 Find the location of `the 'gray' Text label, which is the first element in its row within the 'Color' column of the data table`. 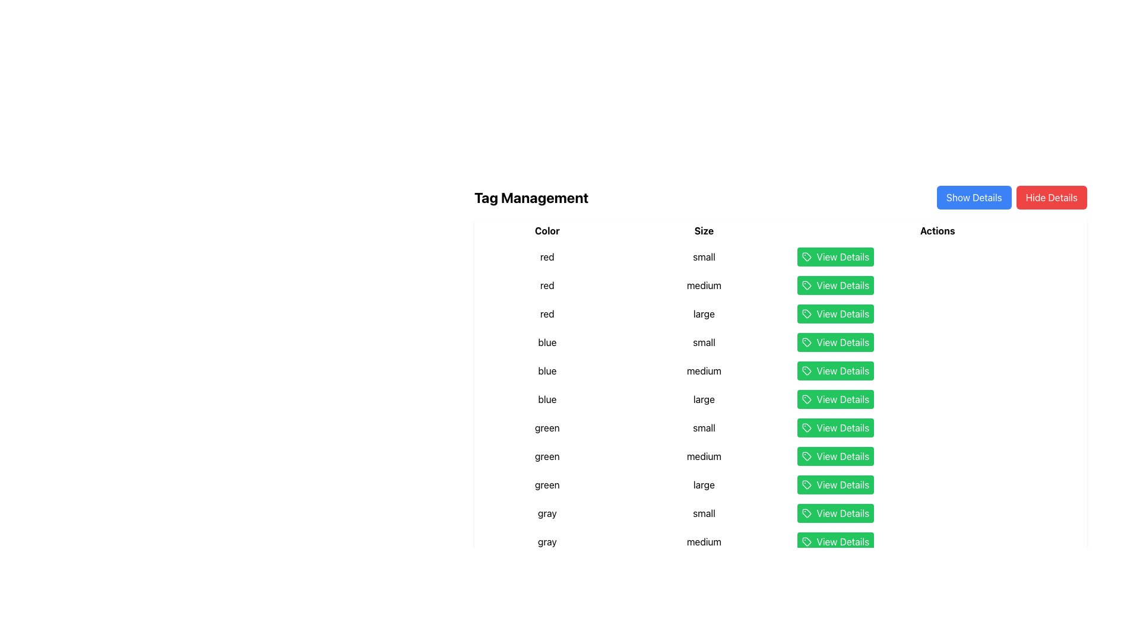

the 'gray' Text label, which is the first element in its row within the 'Color' column of the data table is located at coordinates (546, 512).